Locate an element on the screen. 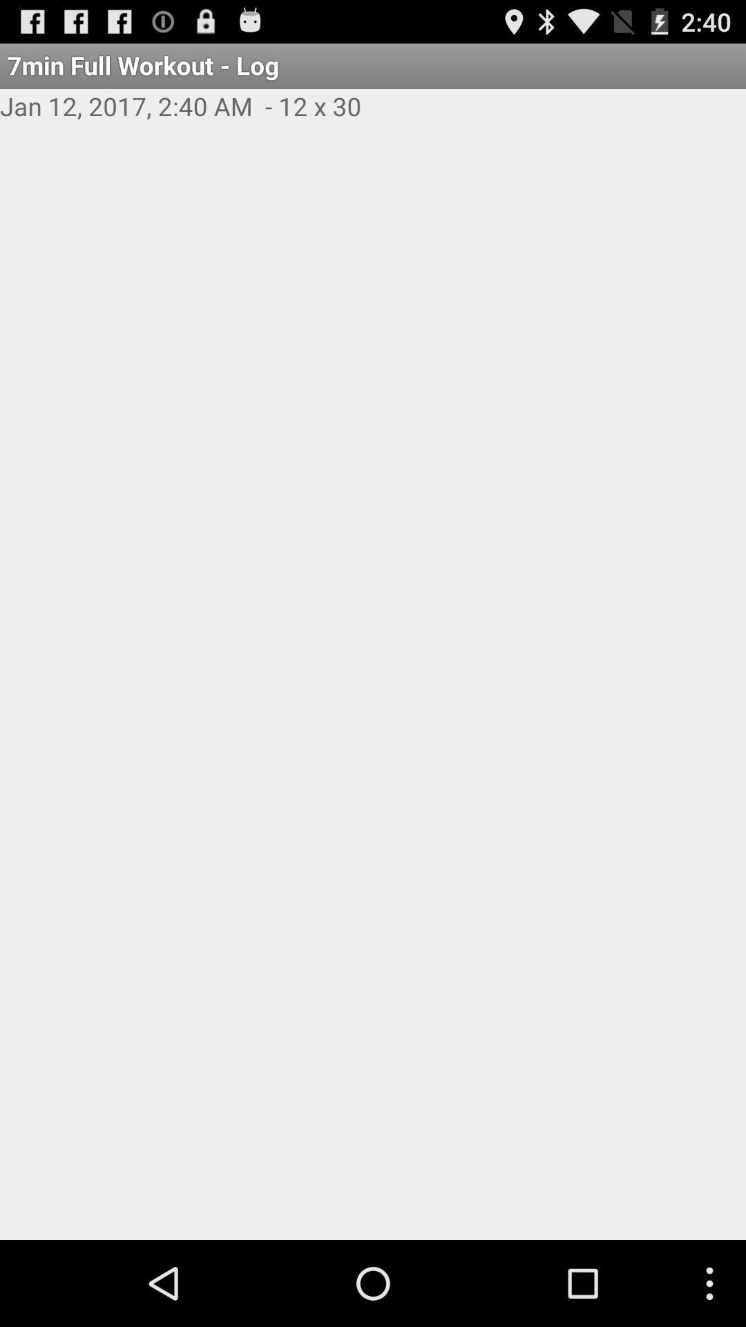 This screenshot has width=746, height=1327. icon below the 7min full workout is located at coordinates (373, 121).